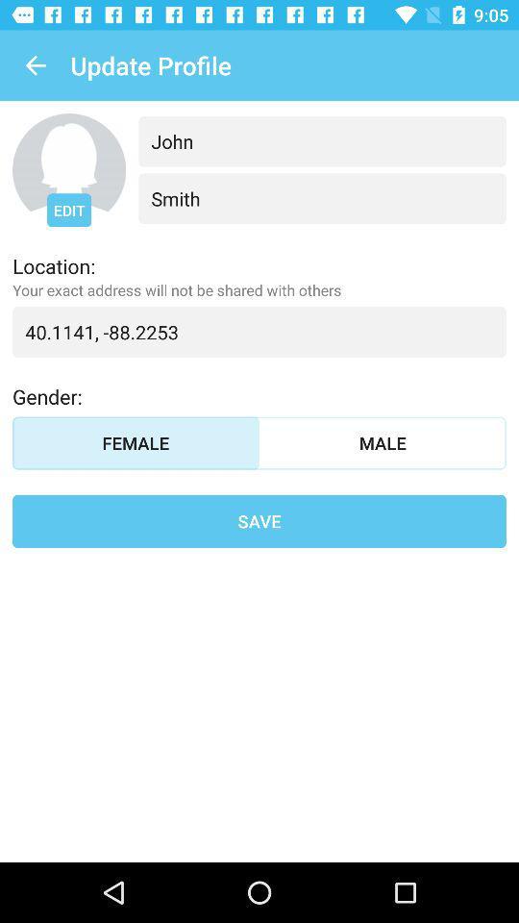  What do you see at coordinates (135, 443) in the screenshot?
I see `item above save` at bounding box center [135, 443].